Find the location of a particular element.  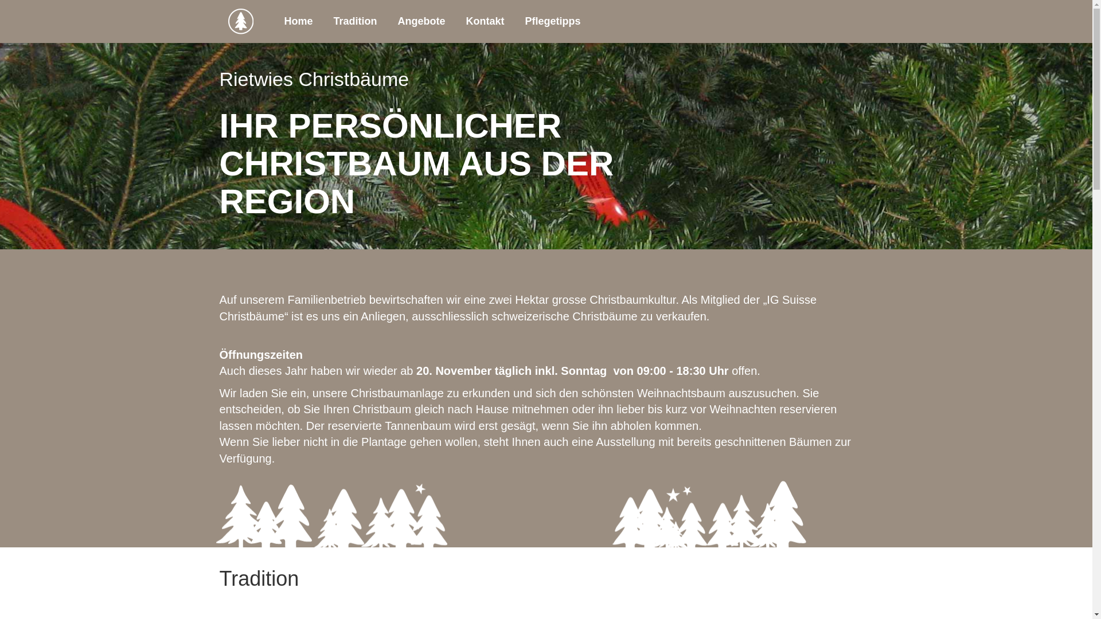

'Angebote' is located at coordinates (421, 21).